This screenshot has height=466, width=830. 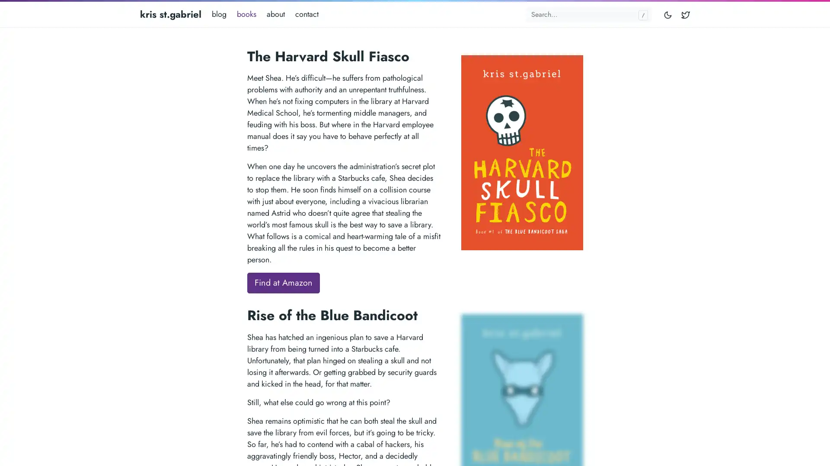 I want to click on Toggle mode, so click(x=667, y=14).